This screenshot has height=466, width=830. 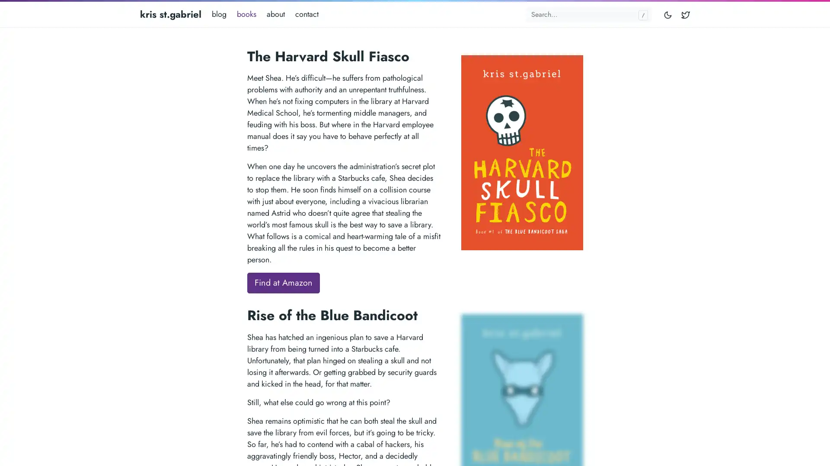 I want to click on Toggle mode, so click(x=667, y=14).